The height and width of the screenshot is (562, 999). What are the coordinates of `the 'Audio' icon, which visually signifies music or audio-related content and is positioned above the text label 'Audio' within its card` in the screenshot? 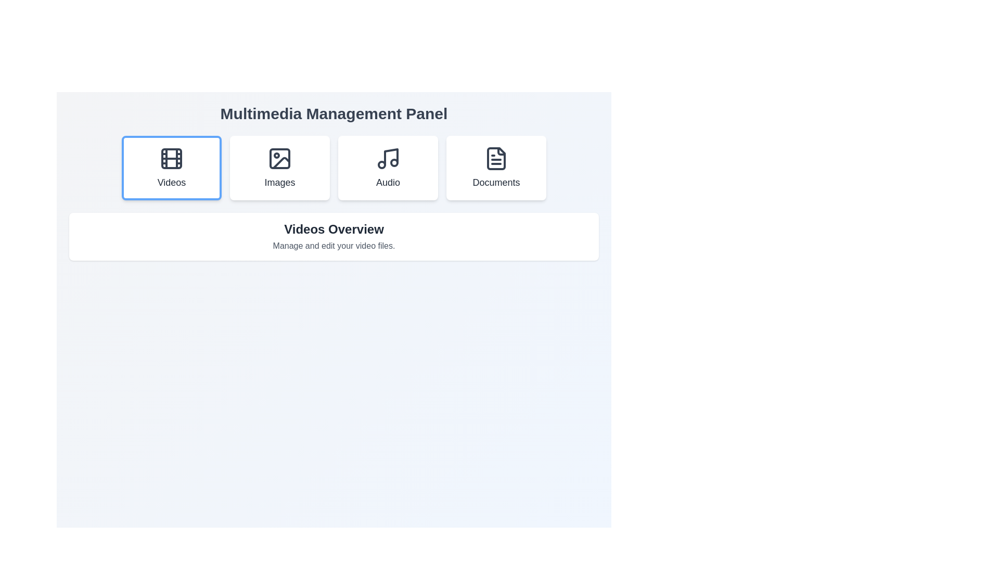 It's located at (387, 158).